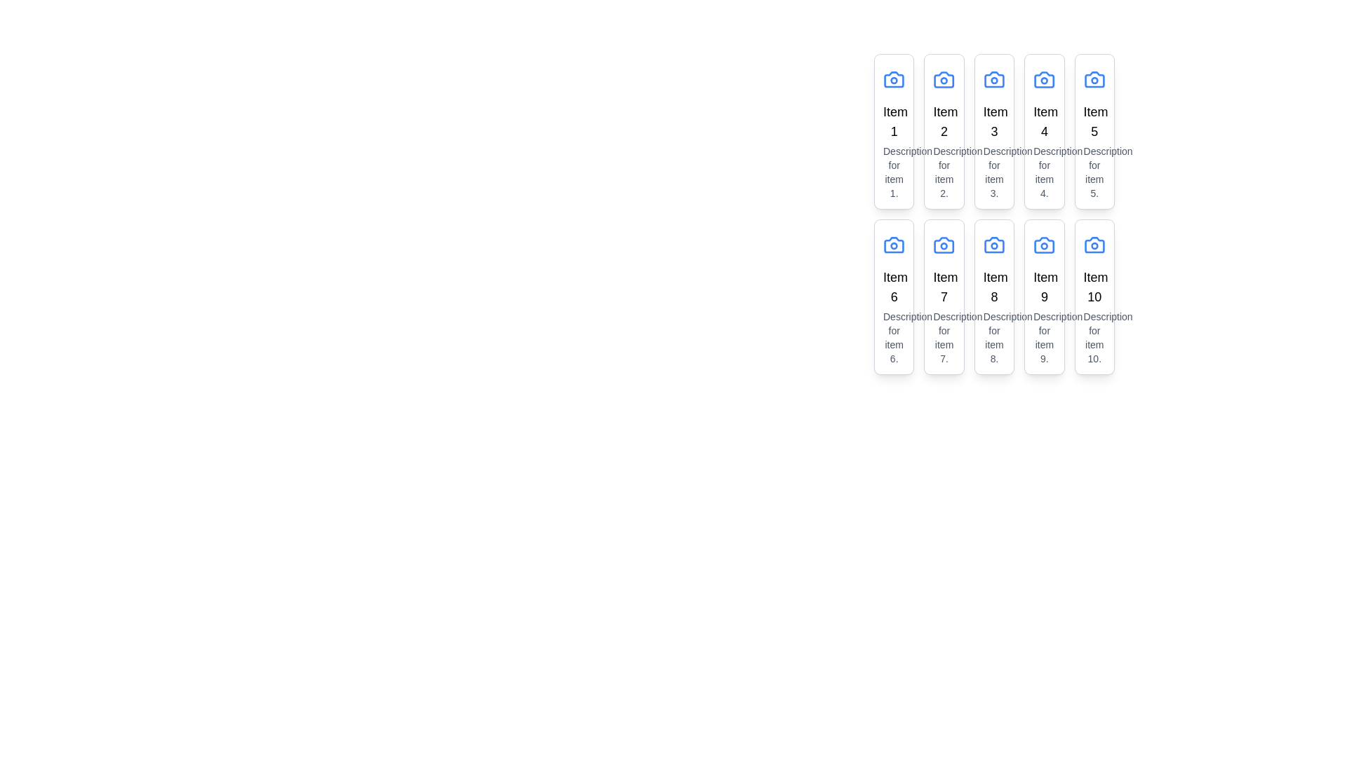  Describe the element at coordinates (1094, 132) in the screenshot. I see `the fifth card in the grid layout, which displays 'Item 5' and its description to trigger interactions` at that location.